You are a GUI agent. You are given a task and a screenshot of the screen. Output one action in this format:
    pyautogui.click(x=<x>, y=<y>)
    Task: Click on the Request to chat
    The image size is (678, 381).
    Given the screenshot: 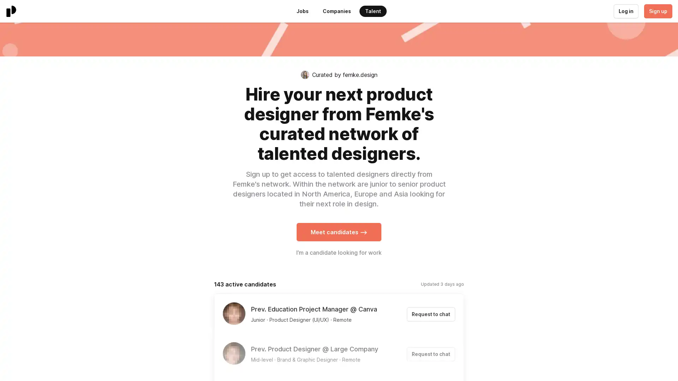 What is the action you would take?
    pyautogui.click(x=430, y=354)
    